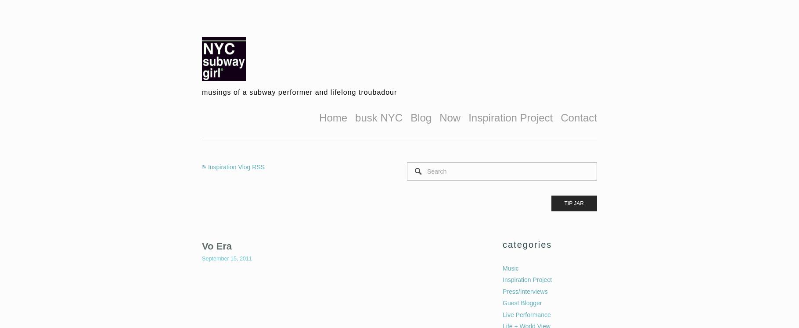  Describe the element at coordinates (236, 166) in the screenshot. I see `'Inspiration Vlog RSS'` at that location.